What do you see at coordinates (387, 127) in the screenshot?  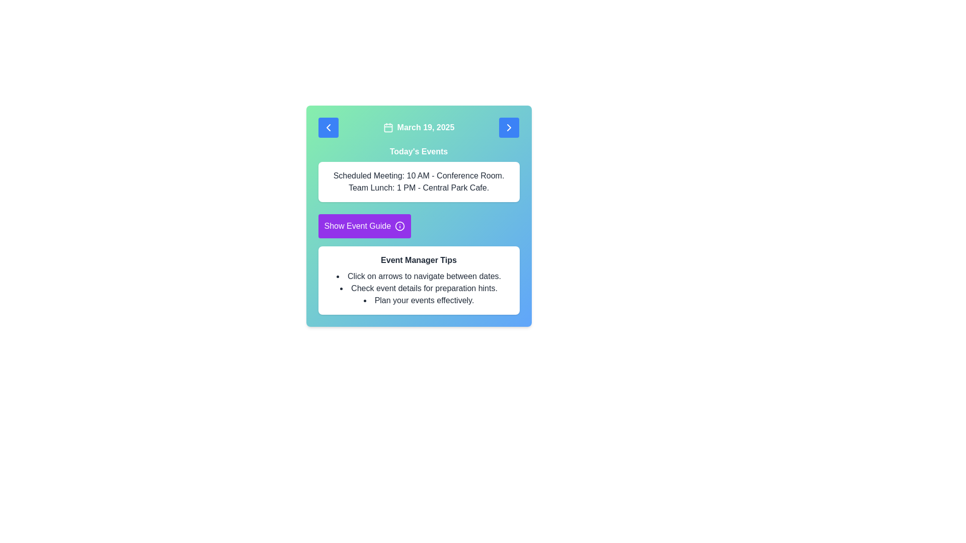 I see `the Decorative SVG graphic component within the calendar icon that accompanies the date 'March 19, 2025.'` at bounding box center [387, 127].